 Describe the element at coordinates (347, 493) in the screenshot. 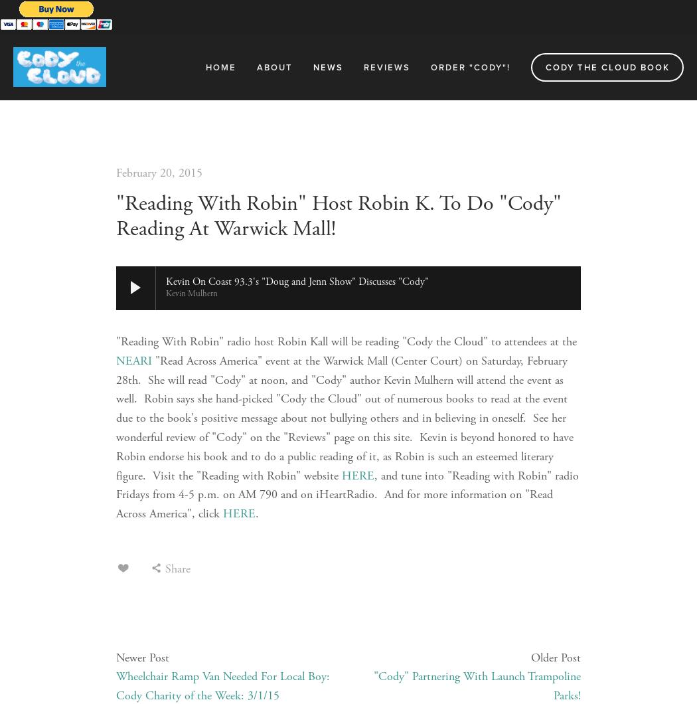

I see `', and tune into "Reading with Robin" radio Fridays from 4-5 p.m. on AM 790 and on iHeartRadio.  And for more information on "Read Across America", click'` at that location.